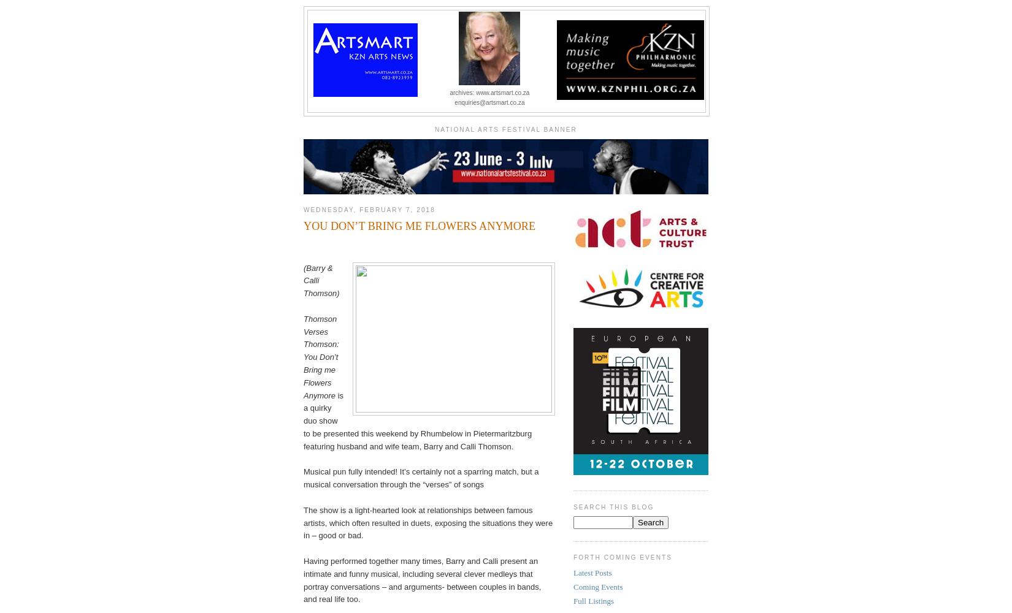 The width and height of the screenshot is (1012, 613). I want to click on 'quirky duo show to be presented this
weekend by Rhumbelow in Pietermaritzburg featuring husband and wife team, Barry
and Calli Thomson.', so click(416, 426).